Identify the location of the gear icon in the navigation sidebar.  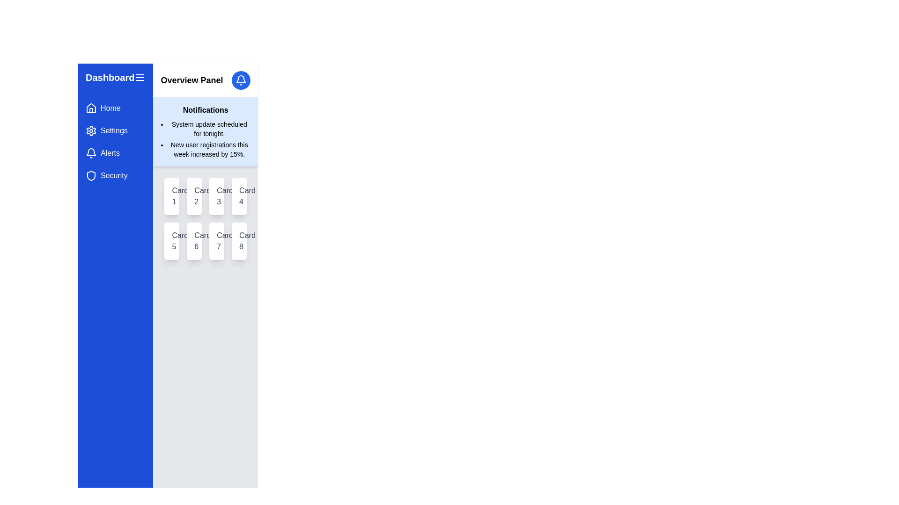
(91, 131).